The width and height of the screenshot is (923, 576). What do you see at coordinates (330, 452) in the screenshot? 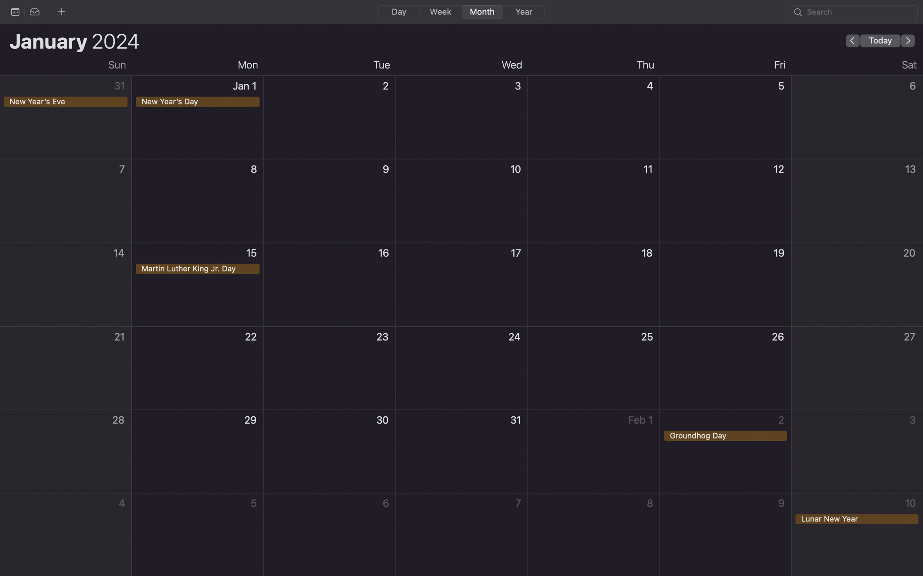
I see `the procedure to schedule an event on the 30th of the month` at bounding box center [330, 452].